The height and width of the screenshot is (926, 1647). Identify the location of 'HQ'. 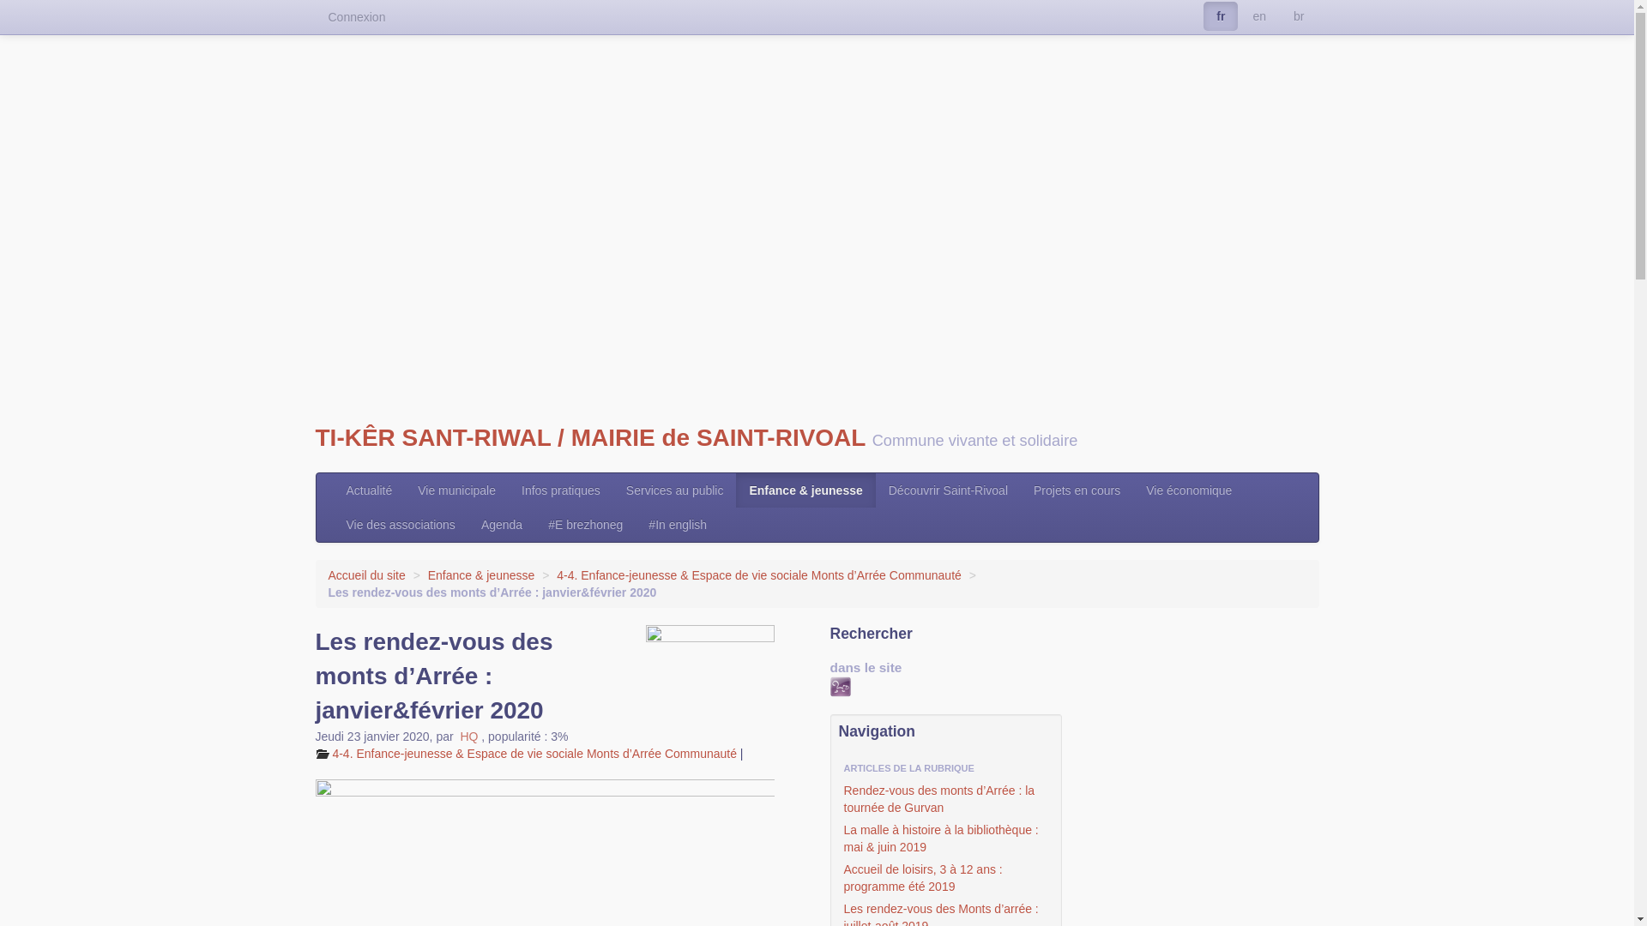
(468, 736).